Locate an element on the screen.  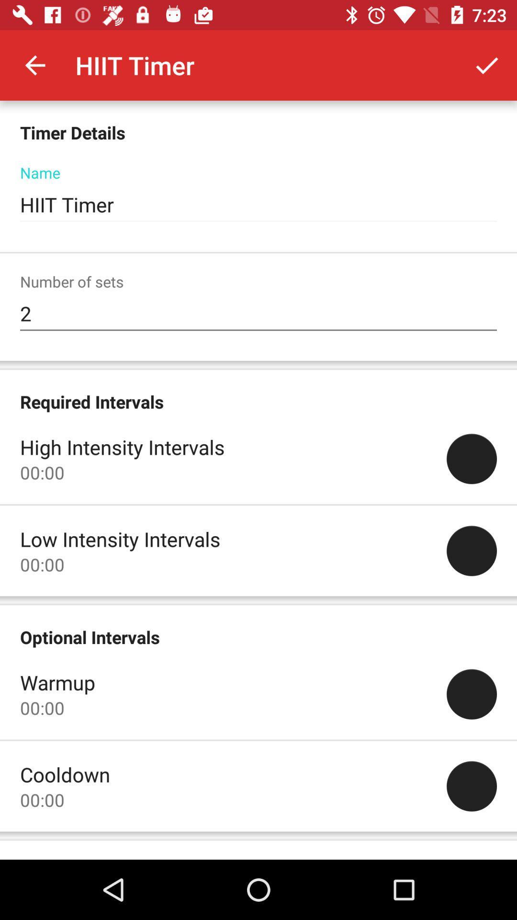
the button which is next to the hiit timer is located at coordinates (487, 65).